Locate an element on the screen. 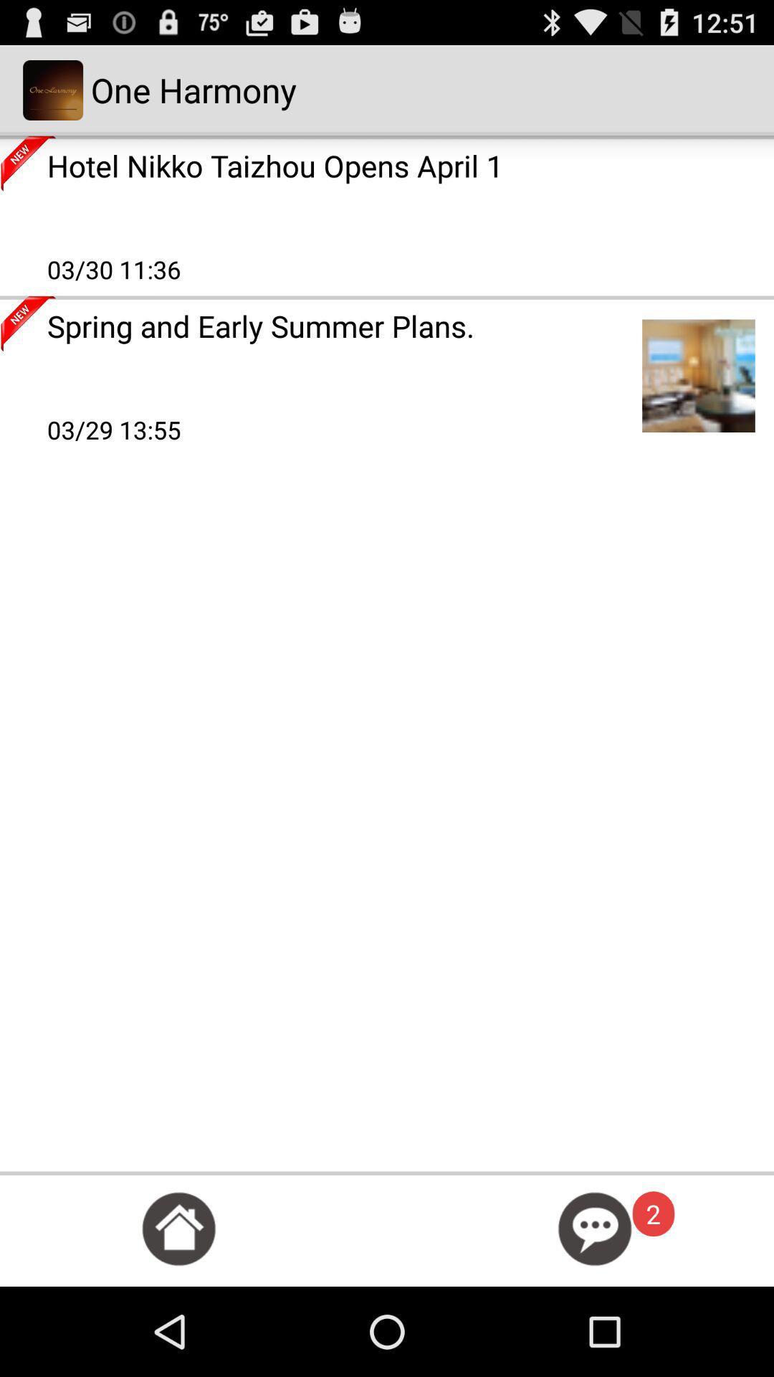 The image size is (774, 1377). open chat is located at coordinates (595, 1228).